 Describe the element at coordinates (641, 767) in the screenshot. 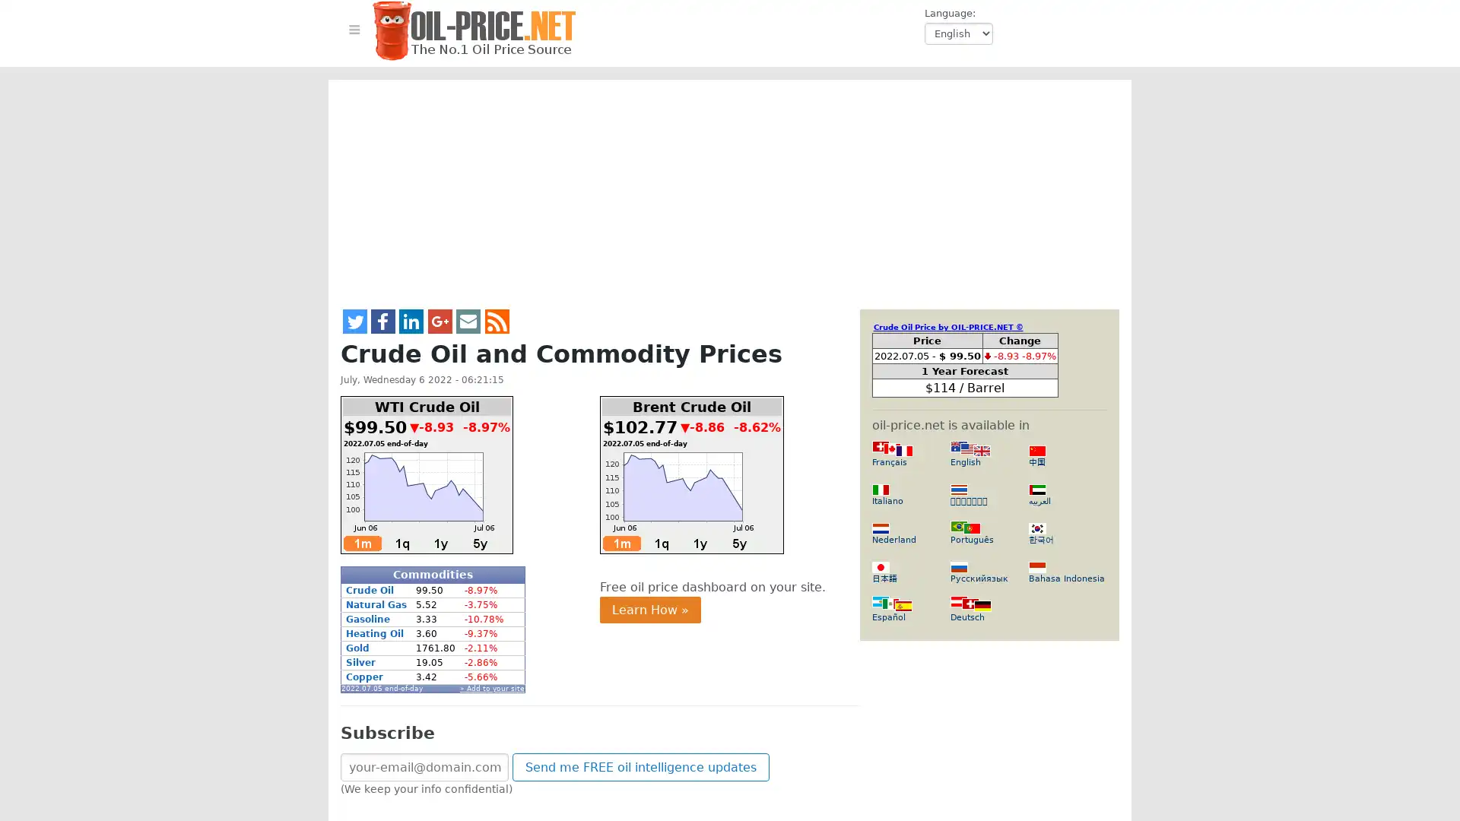

I see `Send me FREE oil intelligence updates` at that location.